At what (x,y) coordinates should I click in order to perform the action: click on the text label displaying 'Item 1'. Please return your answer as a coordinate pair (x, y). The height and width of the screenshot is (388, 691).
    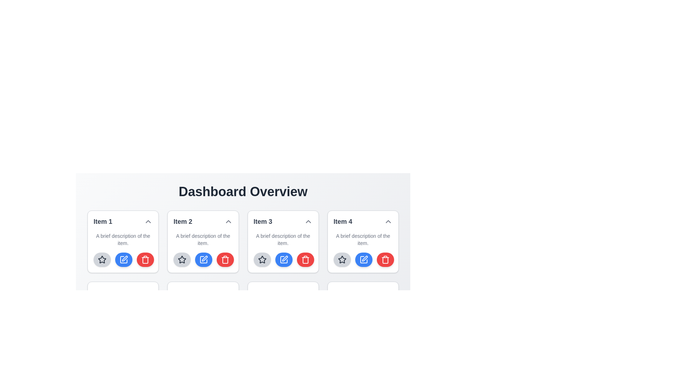
    Looking at the image, I should click on (103, 221).